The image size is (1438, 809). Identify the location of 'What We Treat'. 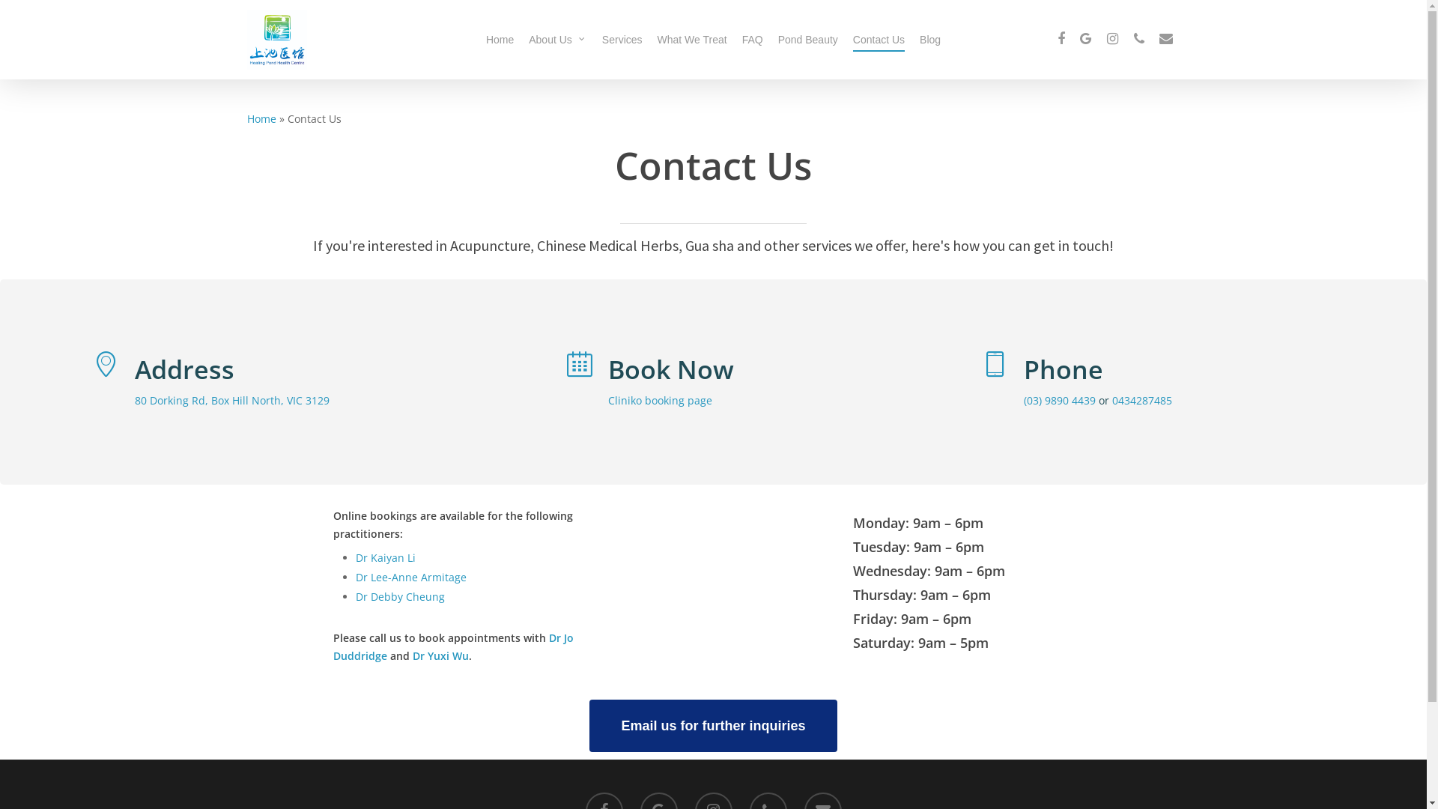
(658, 39).